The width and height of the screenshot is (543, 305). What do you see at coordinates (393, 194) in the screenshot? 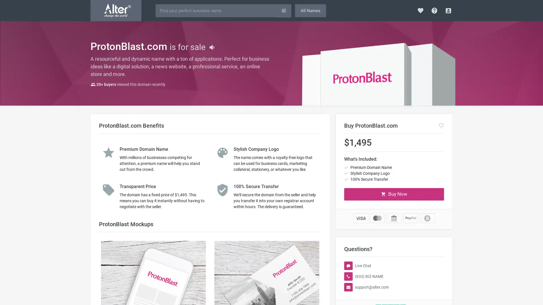
I see `Buy Now` at bounding box center [393, 194].